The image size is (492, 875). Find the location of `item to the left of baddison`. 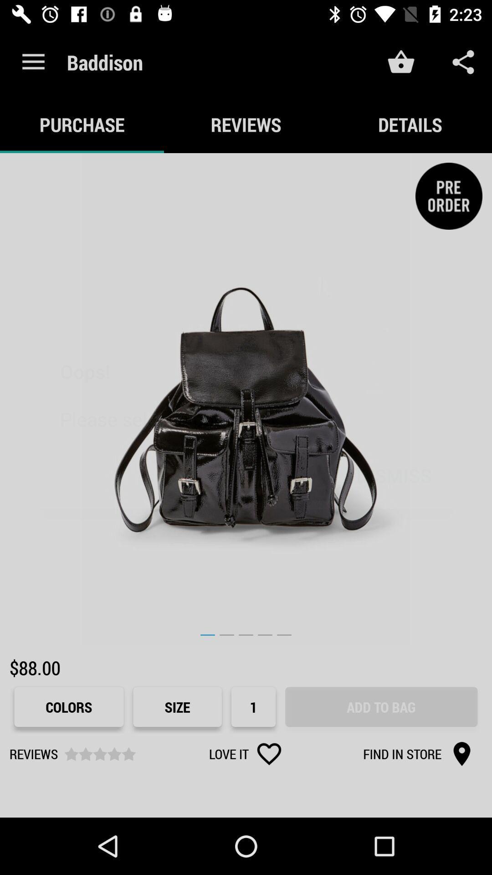

item to the left of baddison is located at coordinates (33, 62).